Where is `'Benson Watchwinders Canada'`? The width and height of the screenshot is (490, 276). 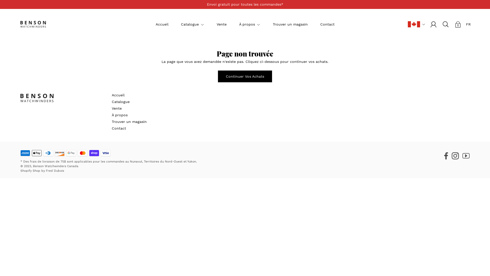
'Benson Watchwinders Canada' is located at coordinates (55, 166).